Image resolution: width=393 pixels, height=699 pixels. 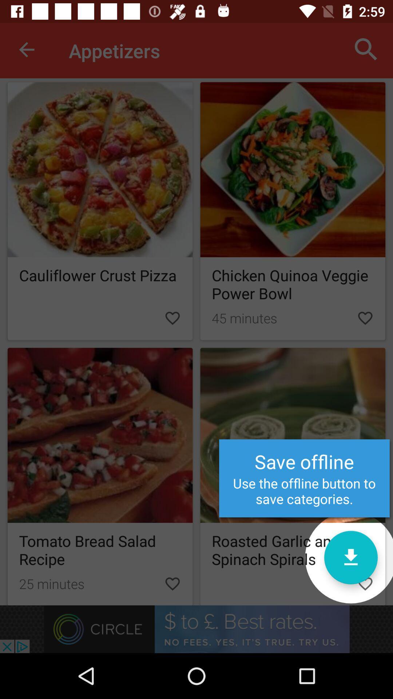 What do you see at coordinates (350, 557) in the screenshot?
I see `offline` at bounding box center [350, 557].